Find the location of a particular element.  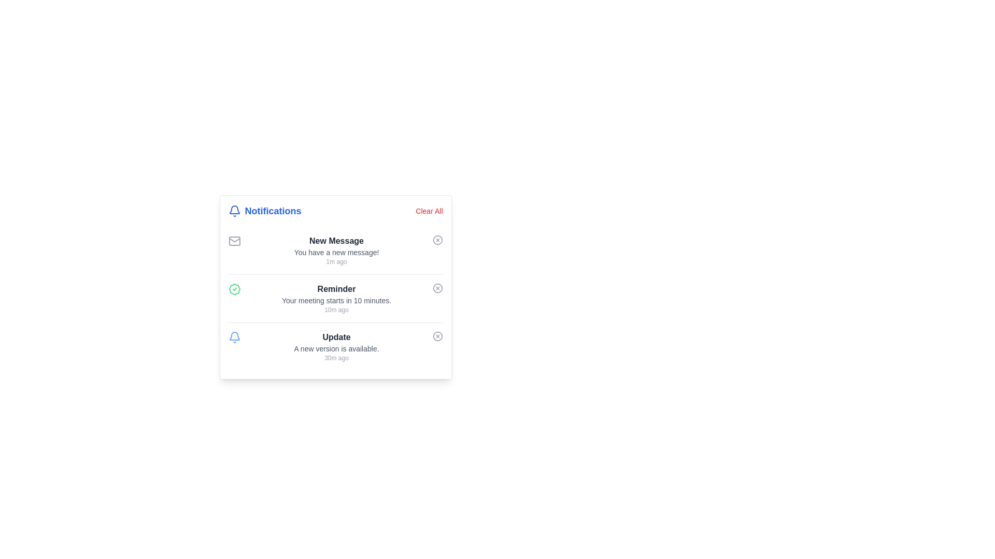

the notification display component that contains the text 'Reminder' in bold and the message 'Your meeting starts in 10 minutes.' is located at coordinates (336, 299).